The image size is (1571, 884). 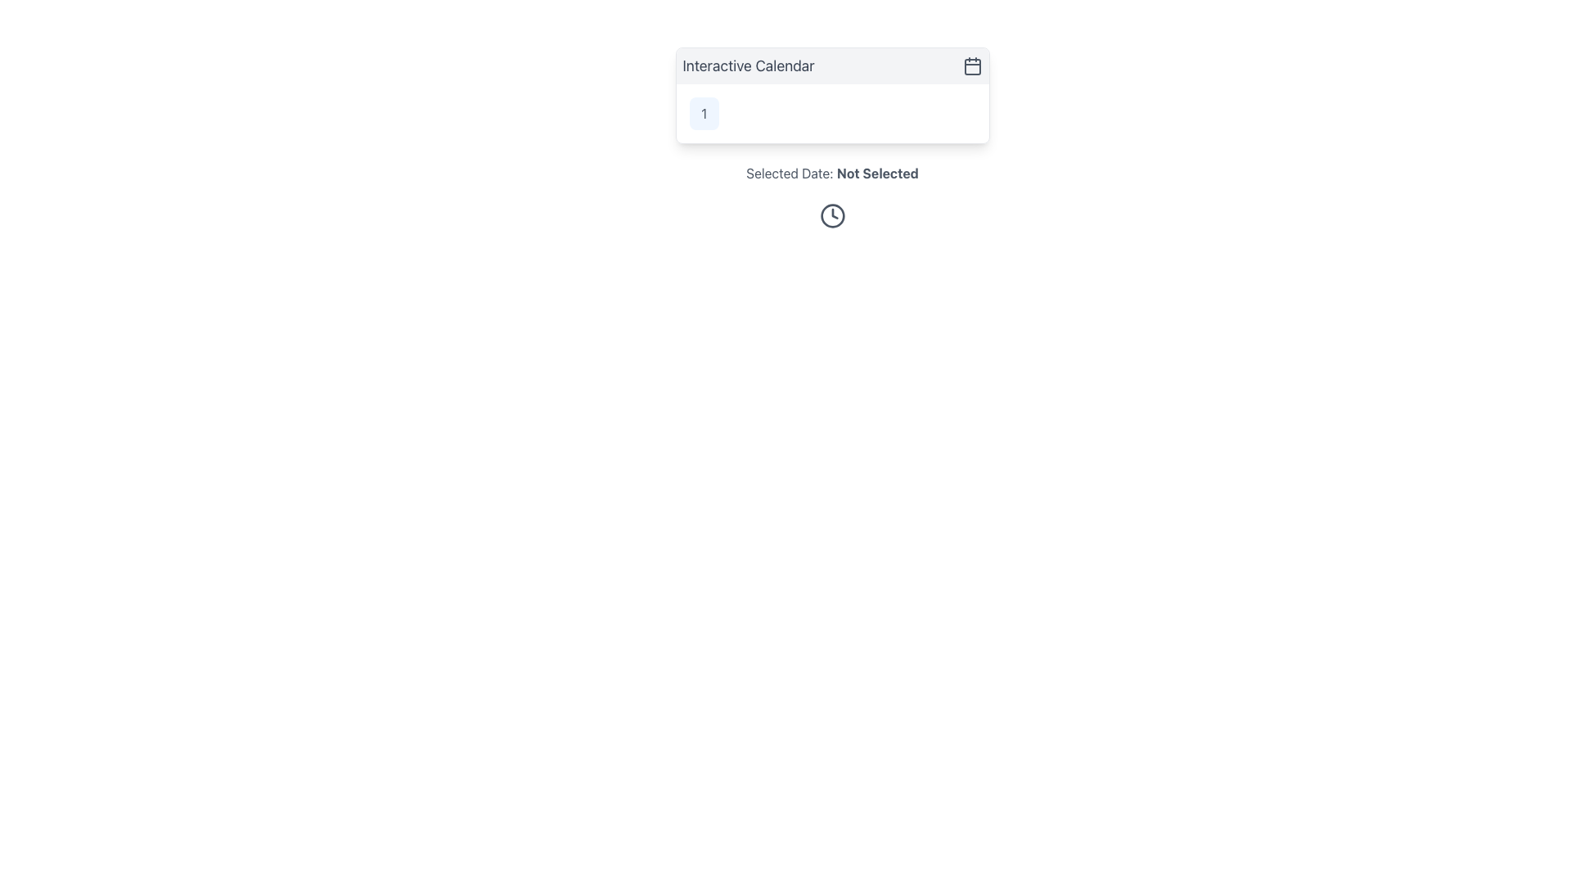 What do you see at coordinates (832, 214) in the screenshot?
I see `clock icon, which is a circular gray icon with clock hands, located beneath the 'Selected Date: Not Selected' text` at bounding box center [832, 214].